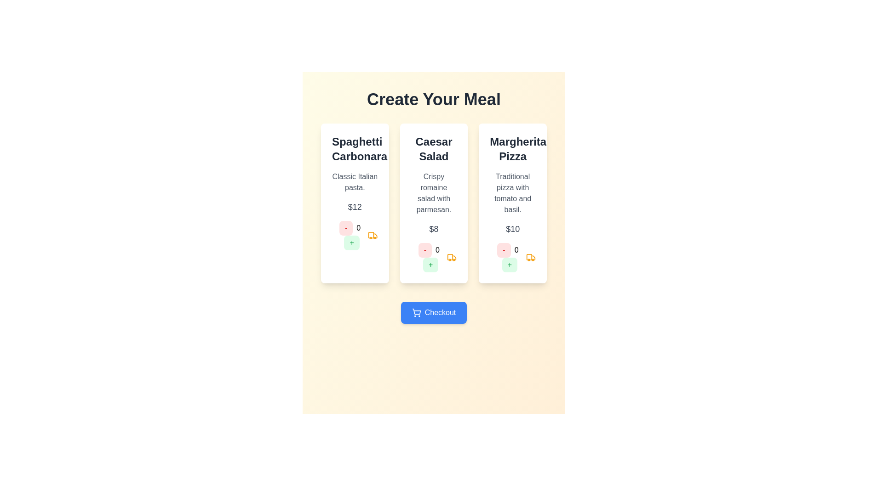  What do you see at coordinates (354, 203) in the screenshot?
I see `the '+' button on the first Card Component in the grid layout to increase the quantity` at bounding box center [354, 203].